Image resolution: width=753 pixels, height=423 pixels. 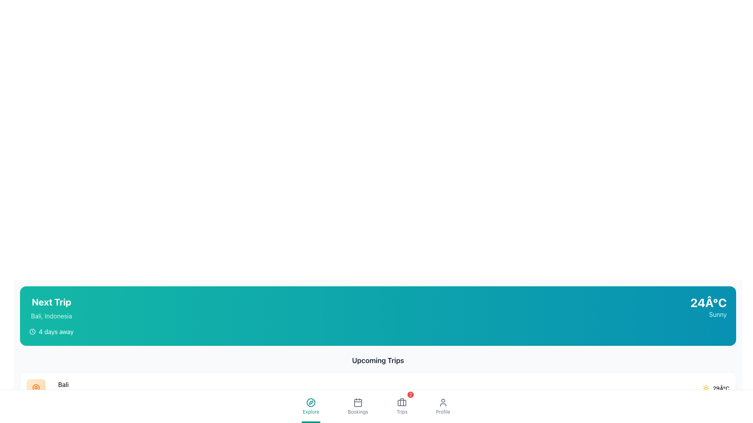 I want to click on the Text label that displays the location of the next trip, which is centrally aligned between the 'Next Trip' label above and the '4 days away' text and clock icon below, so click(x=51, y=315).